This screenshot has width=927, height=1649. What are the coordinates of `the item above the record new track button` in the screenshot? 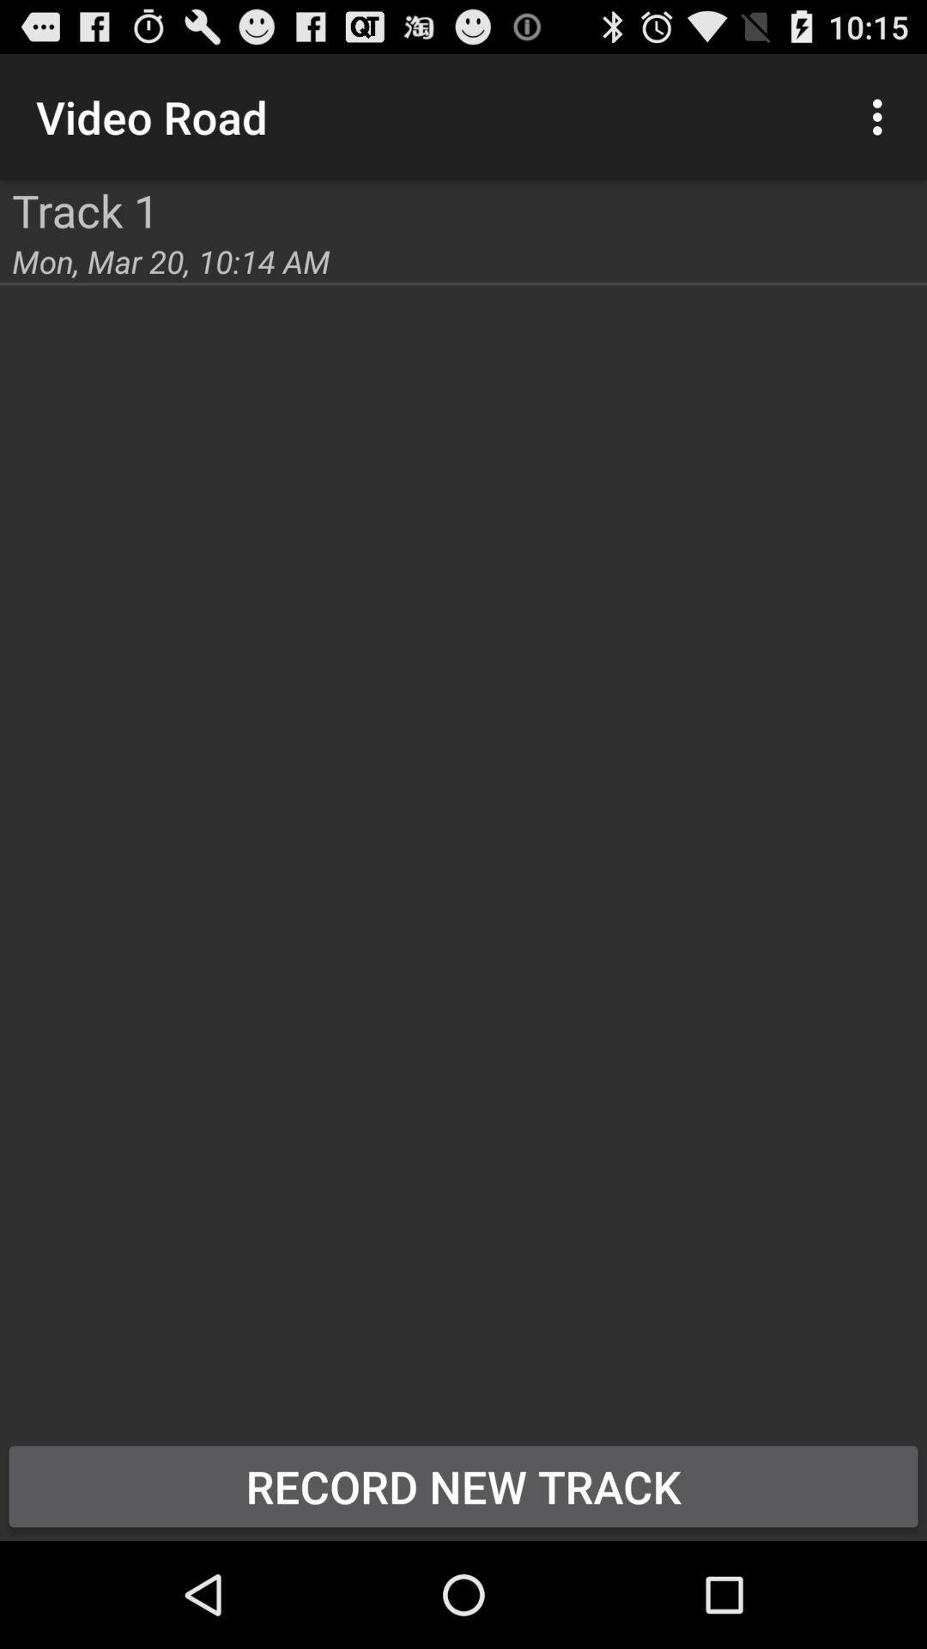 It's located at (171, 260).